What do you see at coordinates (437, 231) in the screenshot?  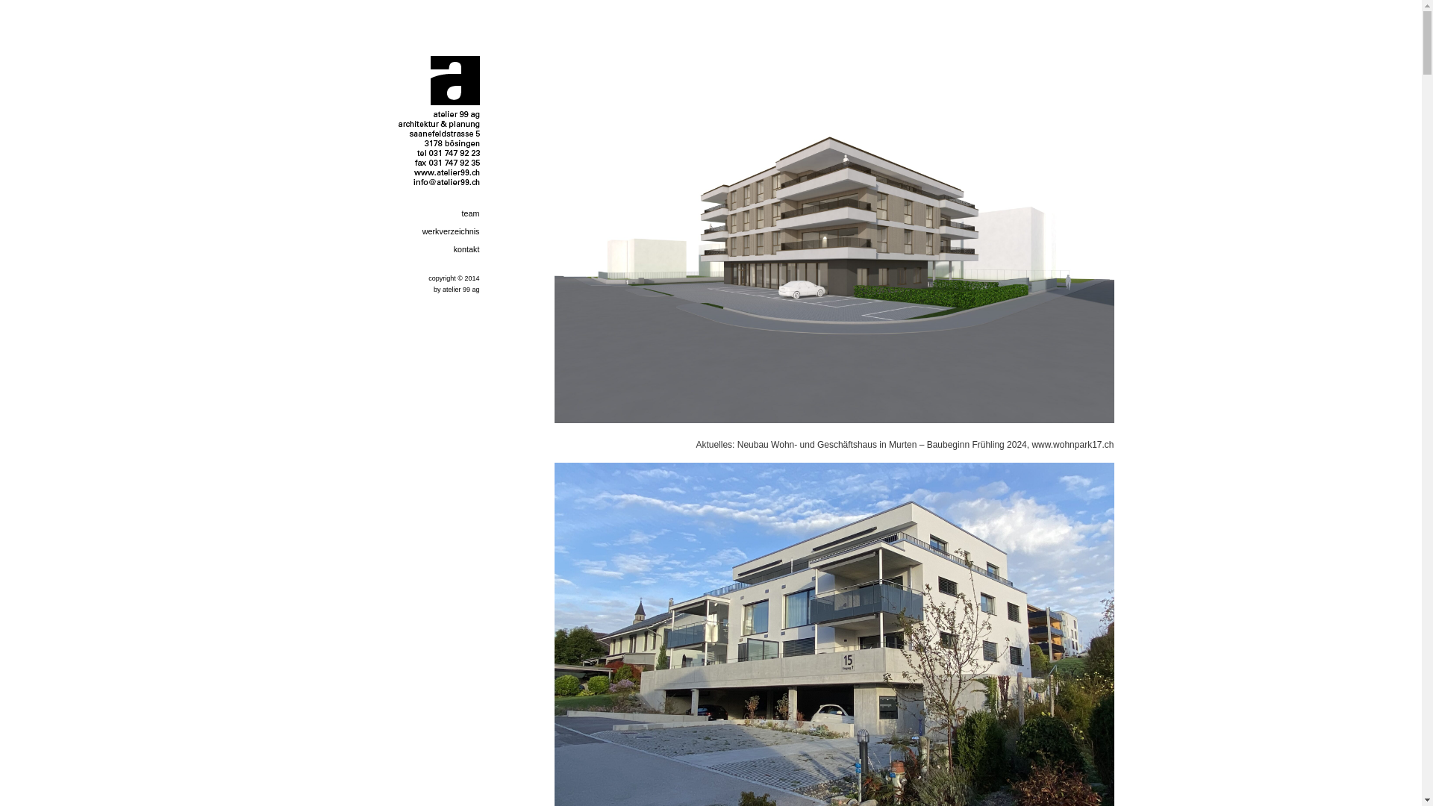 I see `'werkverzeichnis'` at bounding box center [437, 231].